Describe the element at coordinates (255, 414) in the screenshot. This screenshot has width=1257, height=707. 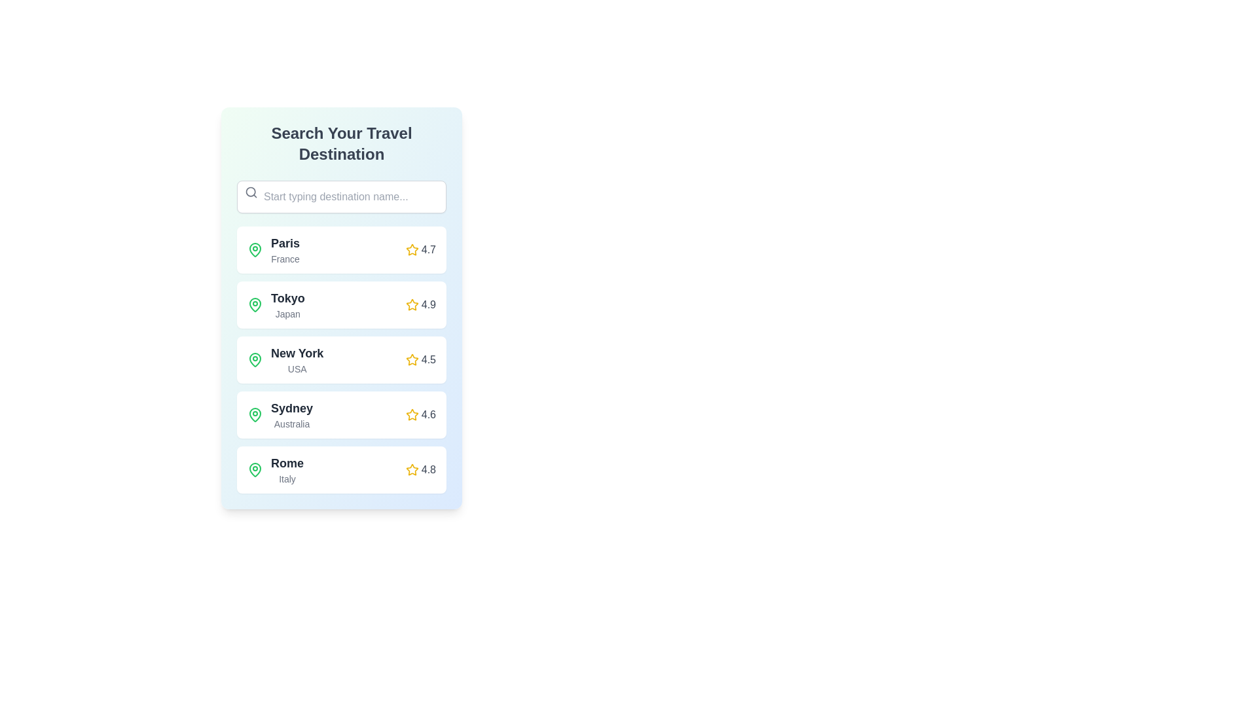
I see `the green map pin icon located to the left of the text 'Sydney' and 'Australia' in the fourth row of the travel destinations listing panel` at that location.